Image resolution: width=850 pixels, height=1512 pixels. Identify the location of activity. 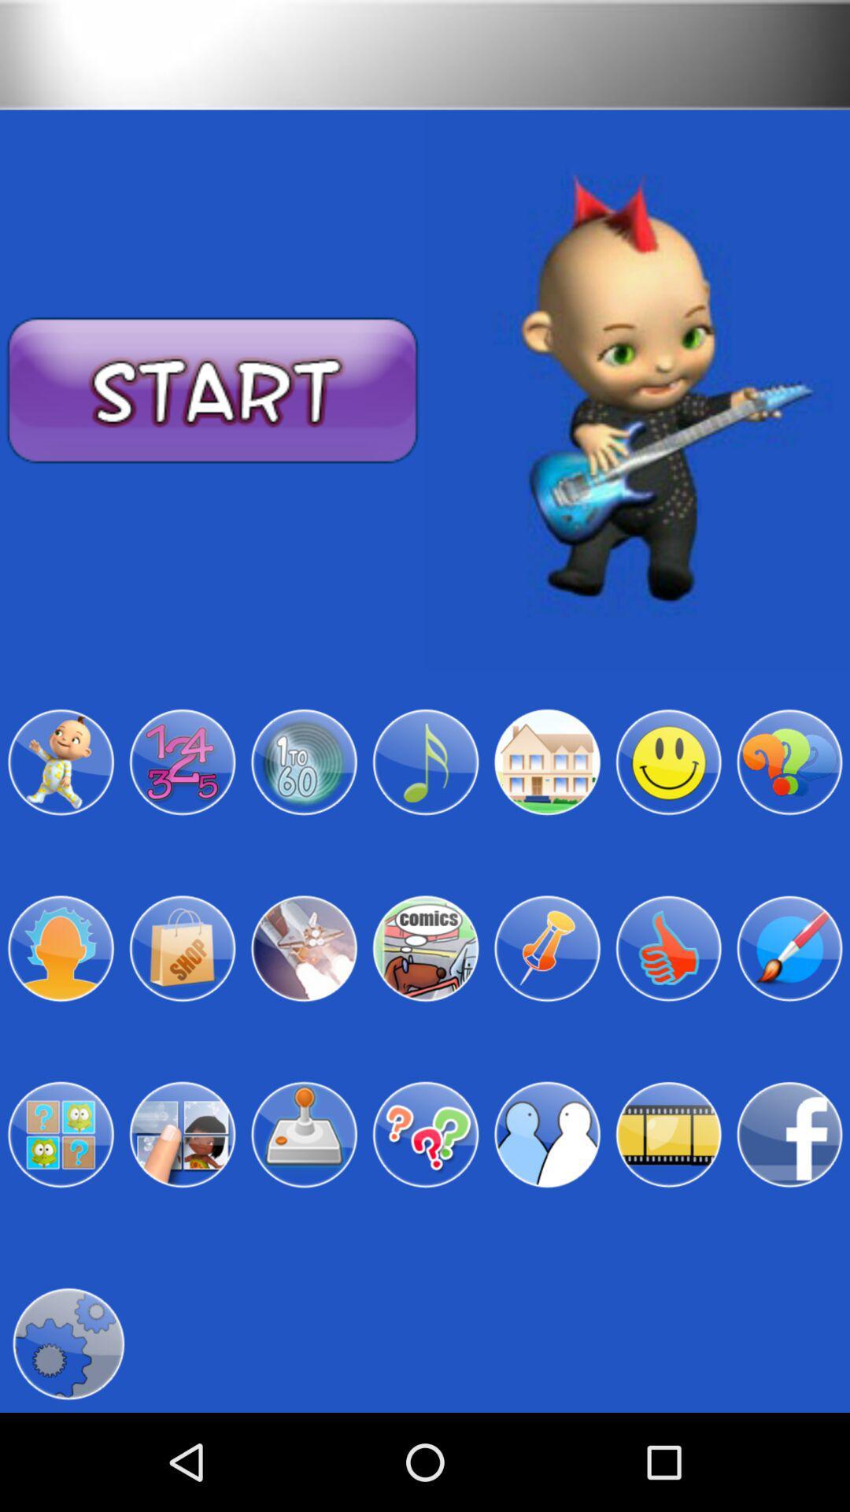
(181, 762).